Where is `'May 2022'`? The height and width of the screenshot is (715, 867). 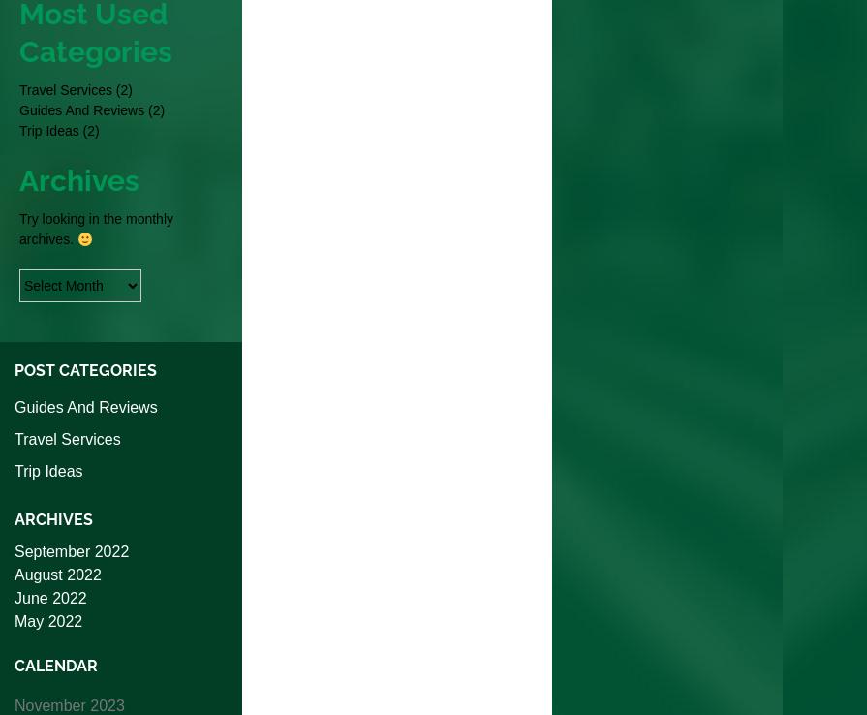
'May 2022' is located at coordinates (48, 621).